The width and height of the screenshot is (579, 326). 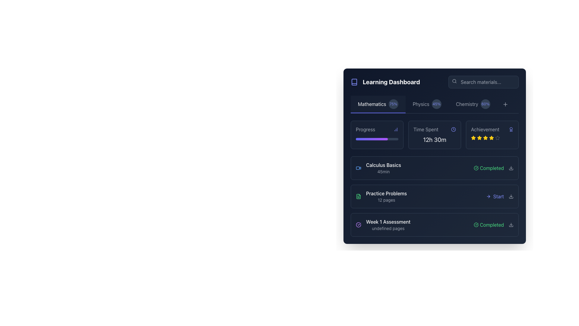 I want to click on the yellow star icon, which is the third star in a row of five within the 'Achievement' section of the Learning Dashboard interface, so click(x=479, y=138).